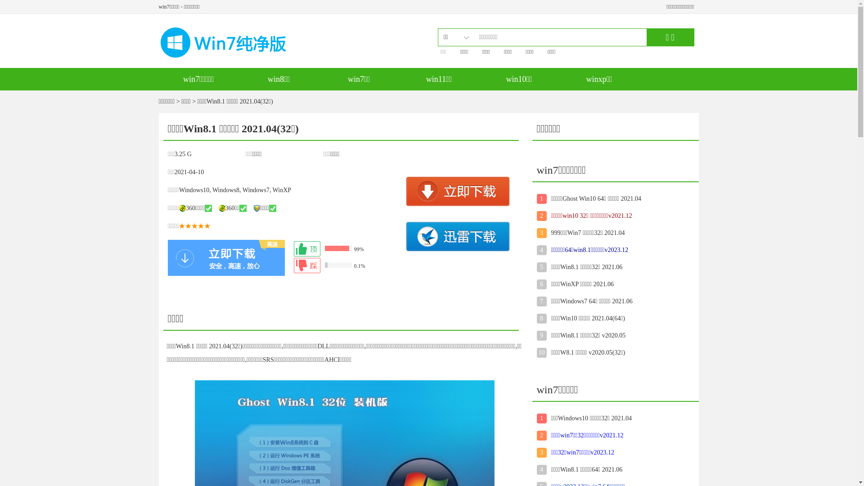 The height and width of the screenshot is (486, 864). I want to click on '99%', so click(293, 248).